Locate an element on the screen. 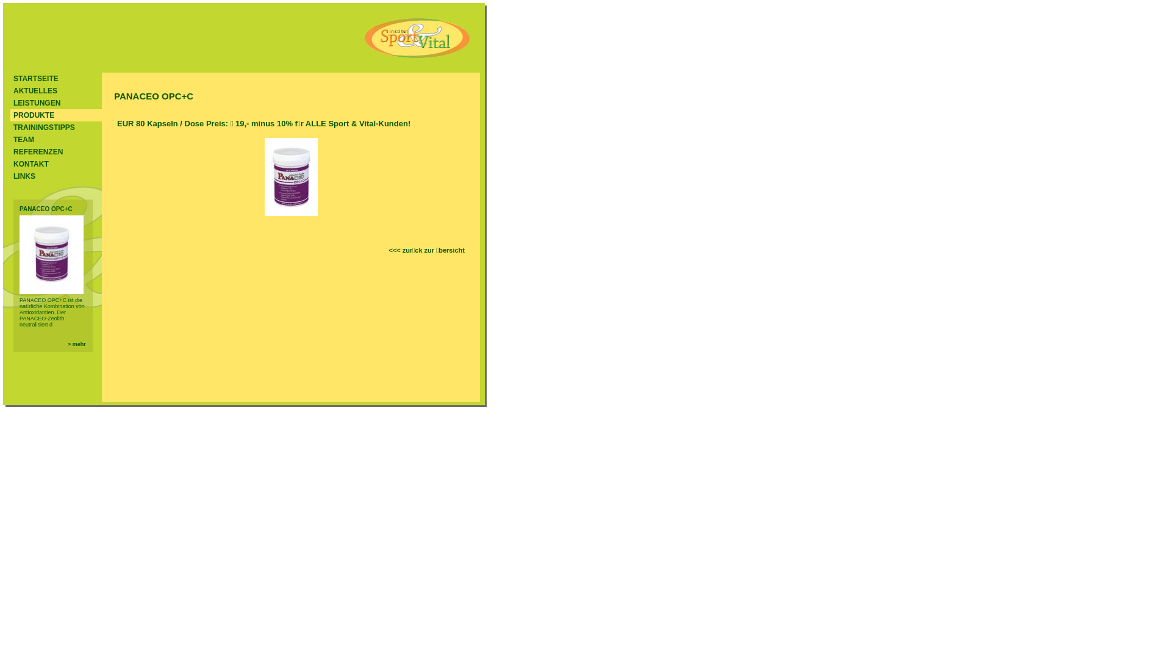 The height and width of the screenshot is (659, 1171). 'LEISTUNGEN' is located at coordinates (55, 103).